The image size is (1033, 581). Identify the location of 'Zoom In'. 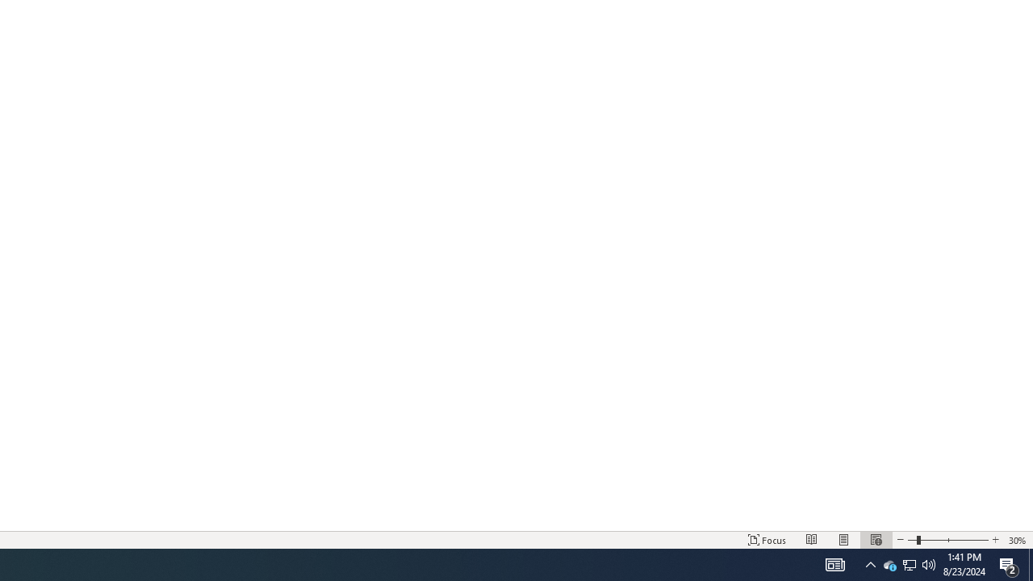
(994, 540).